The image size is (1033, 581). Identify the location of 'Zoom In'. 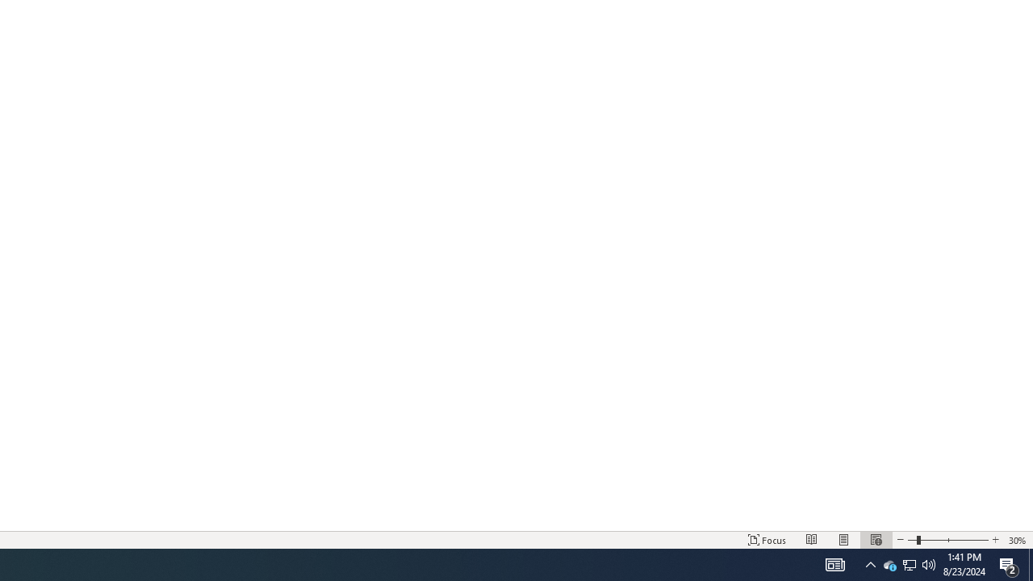
(994, 540).